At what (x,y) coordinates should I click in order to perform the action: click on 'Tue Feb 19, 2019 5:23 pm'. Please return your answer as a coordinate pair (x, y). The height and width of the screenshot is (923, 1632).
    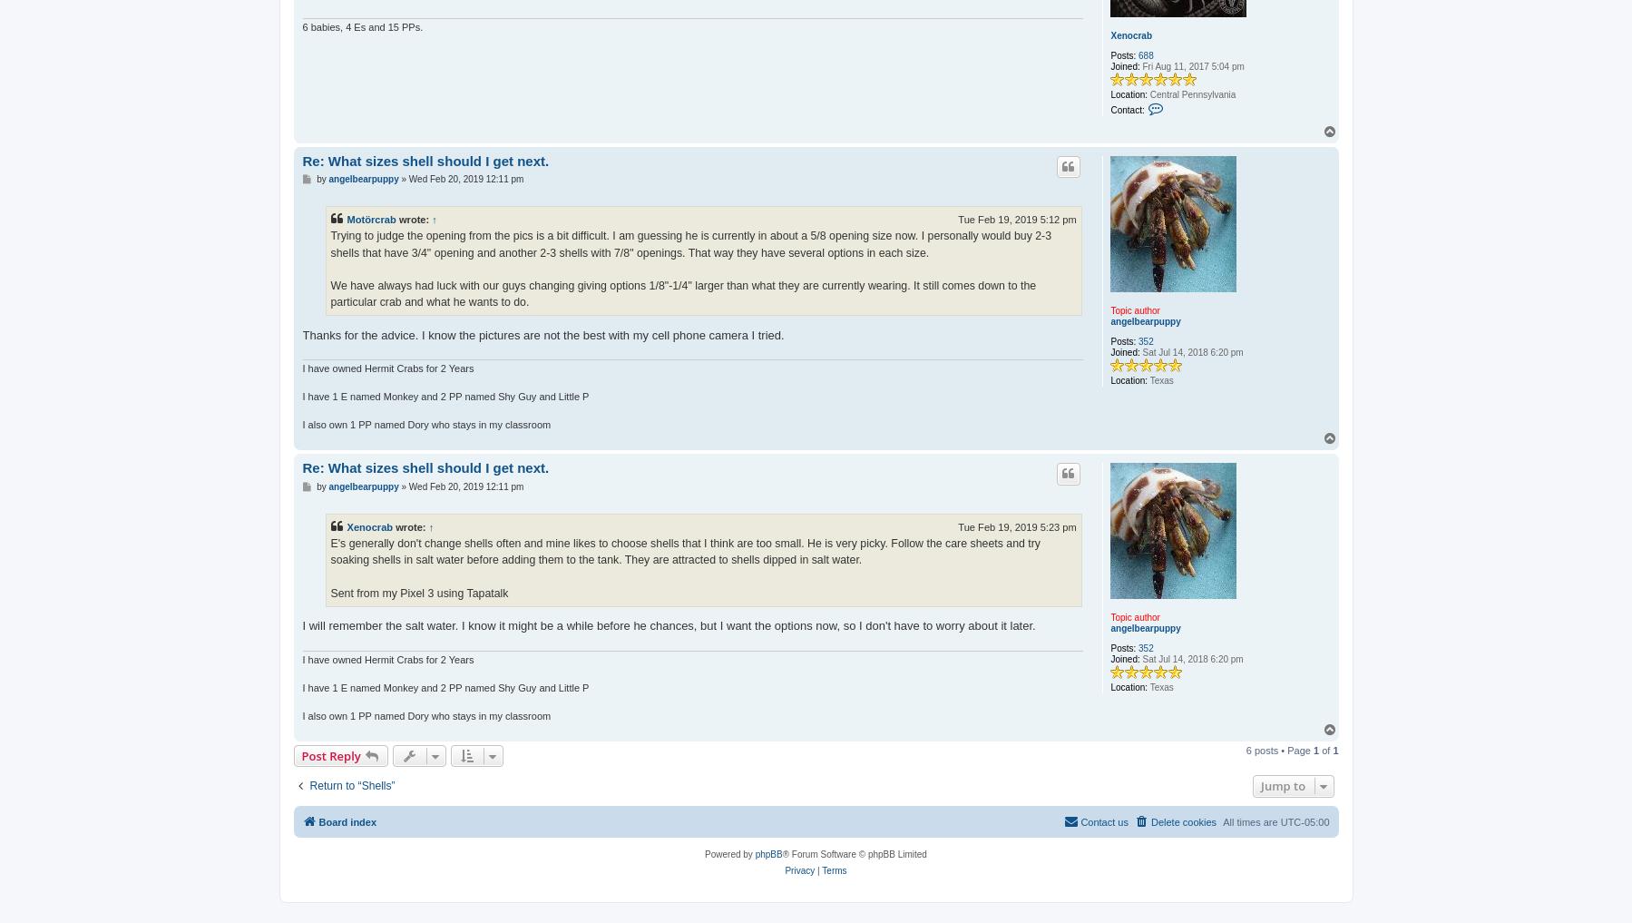
    Looking at the image, I should click on (1015, 526).